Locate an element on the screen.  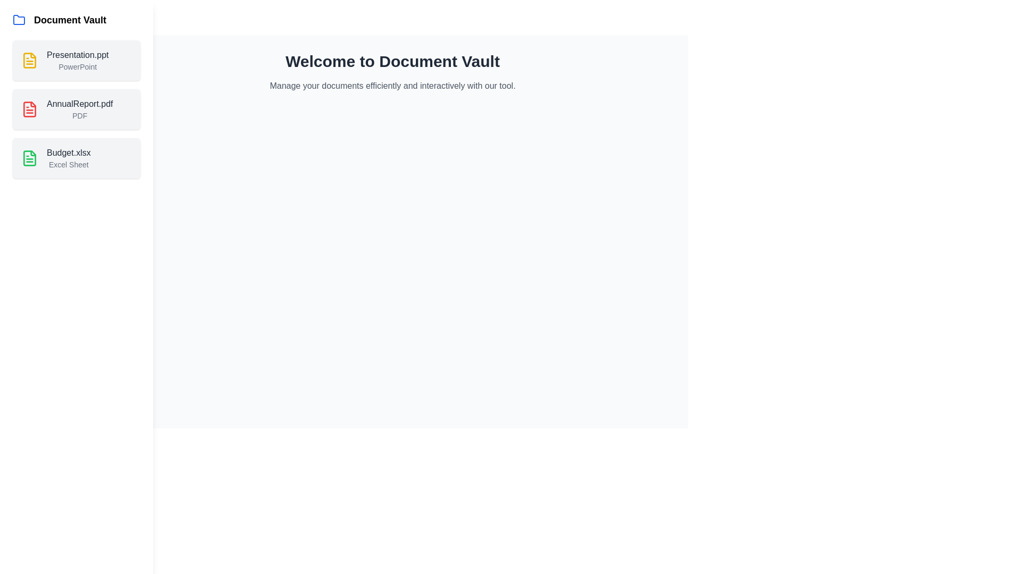
the welcome message text to highlight it is located at coordinates (392, 61).